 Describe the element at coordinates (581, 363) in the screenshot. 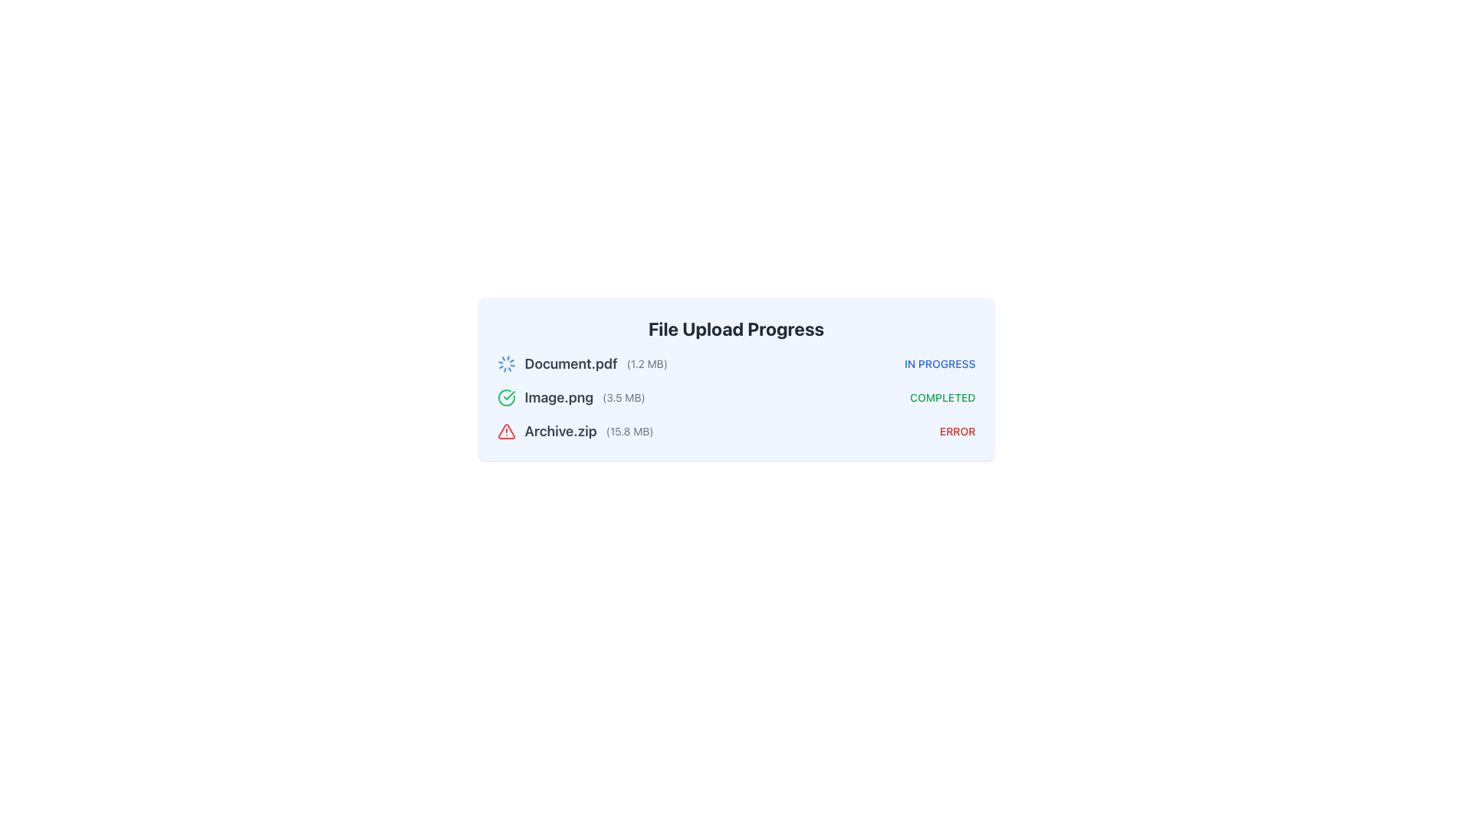

I see `text of the file information display entry for 'Document.pdf' which includes its name and size ('1.2 MB')` at that location.